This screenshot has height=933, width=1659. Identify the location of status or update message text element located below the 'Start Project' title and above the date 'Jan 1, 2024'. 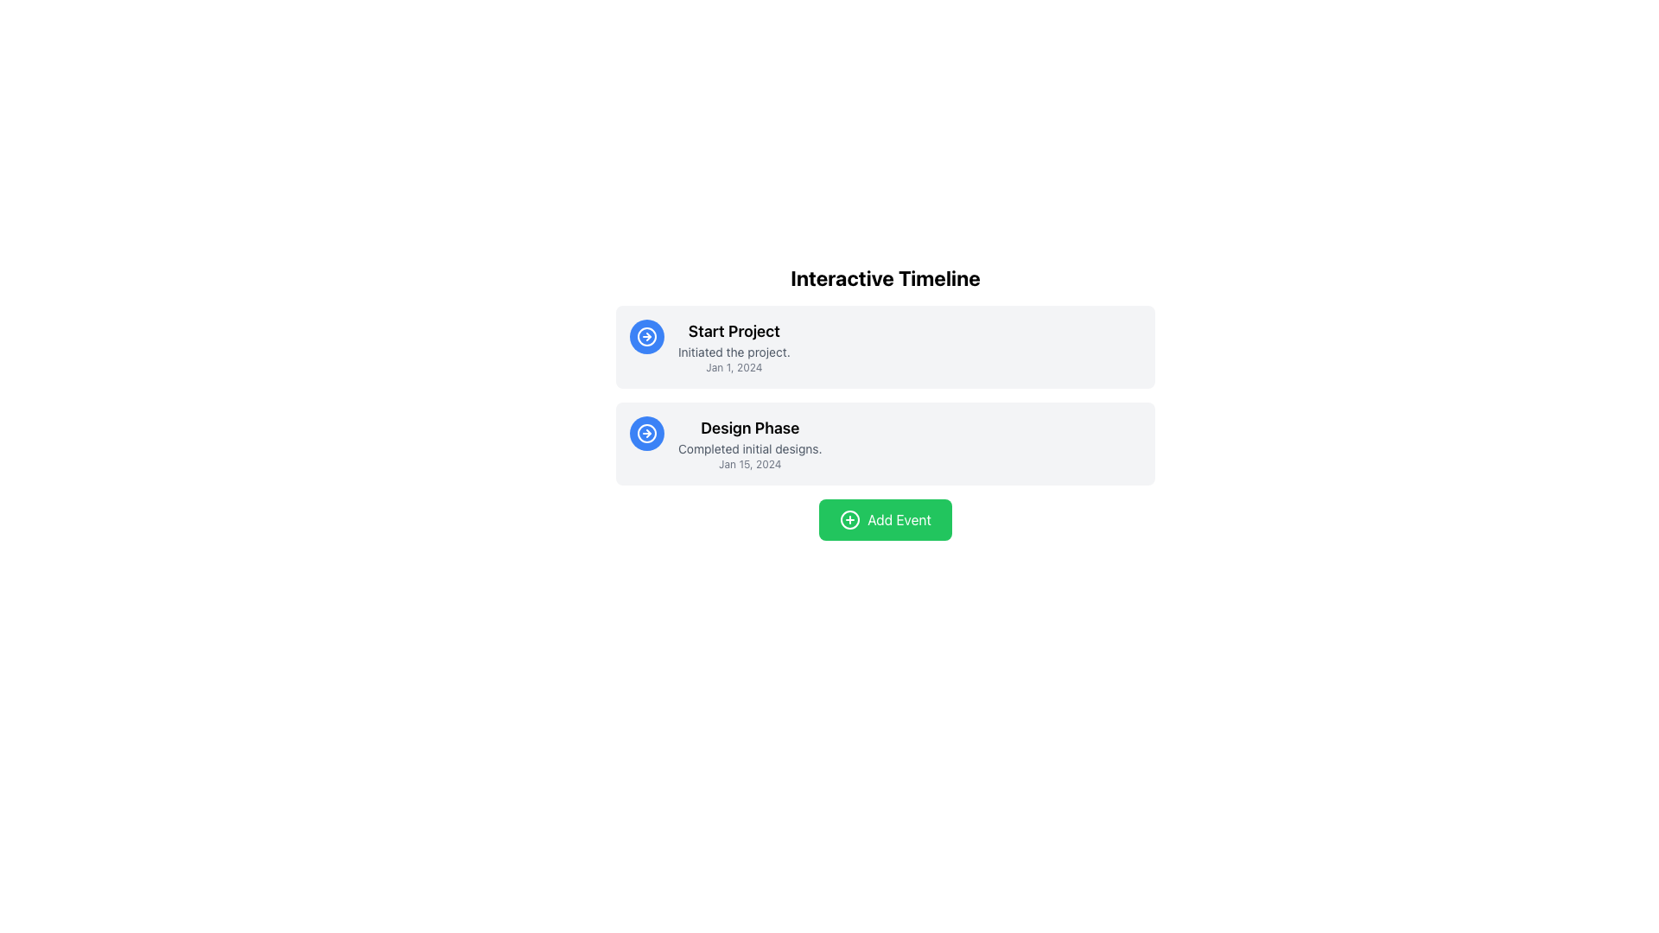
(734, 352).